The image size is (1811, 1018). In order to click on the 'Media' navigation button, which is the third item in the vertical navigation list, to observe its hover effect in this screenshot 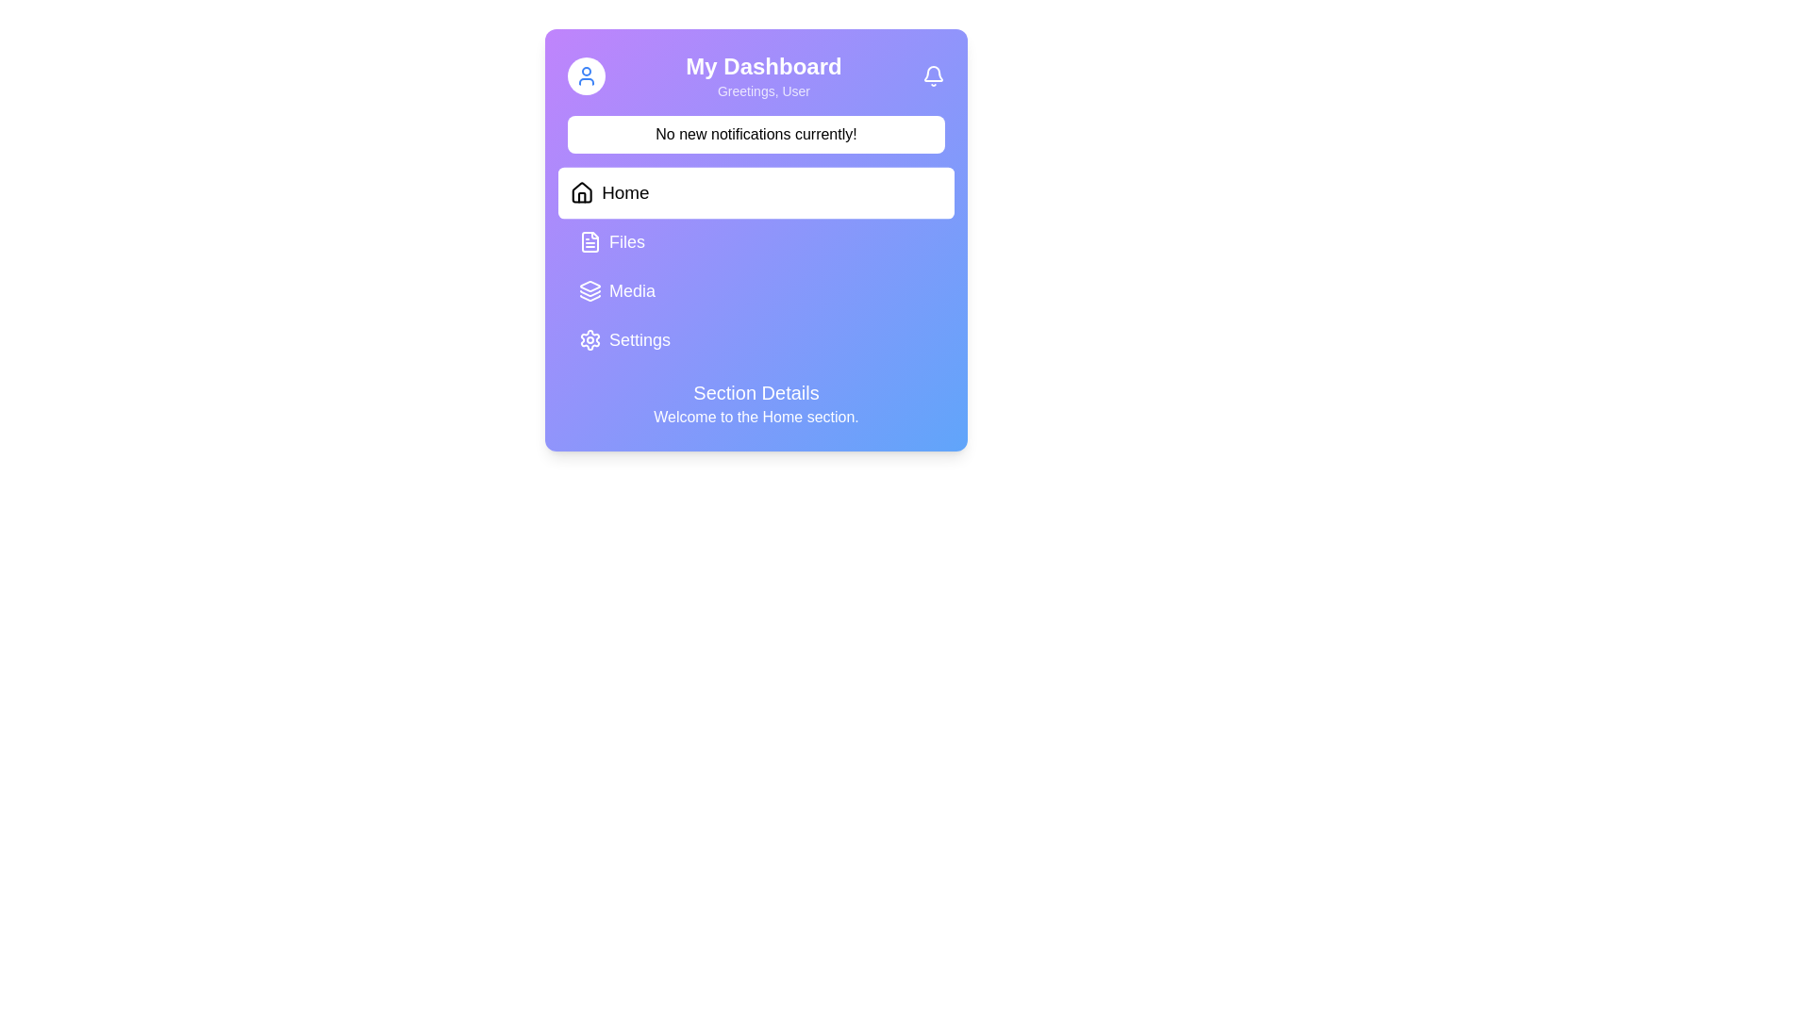, I will do `click(756, 290)`.